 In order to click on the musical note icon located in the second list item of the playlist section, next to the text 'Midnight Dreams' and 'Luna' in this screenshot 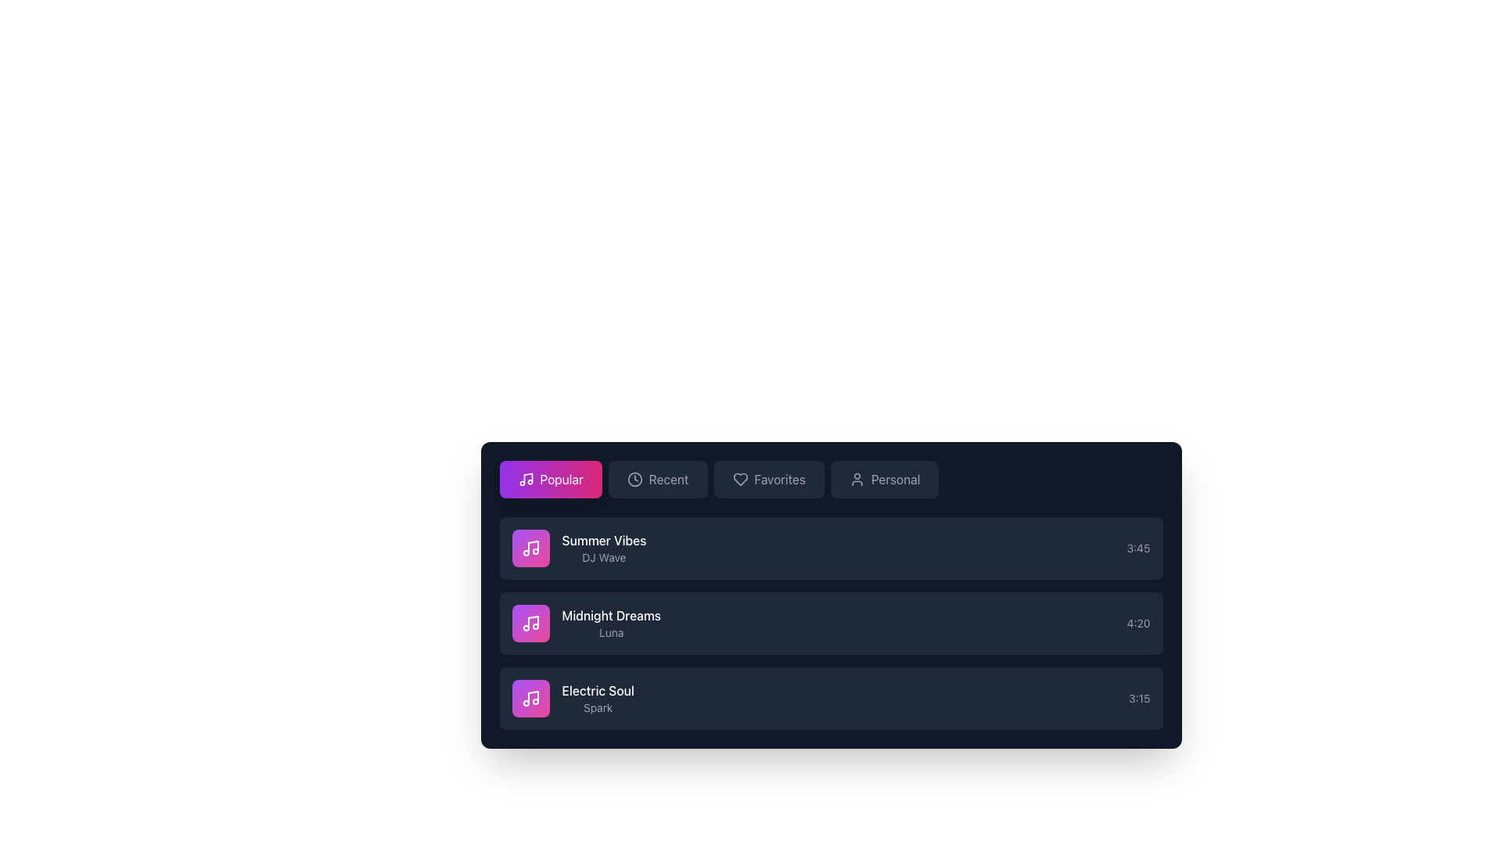, I will do `click(533, 621)`.